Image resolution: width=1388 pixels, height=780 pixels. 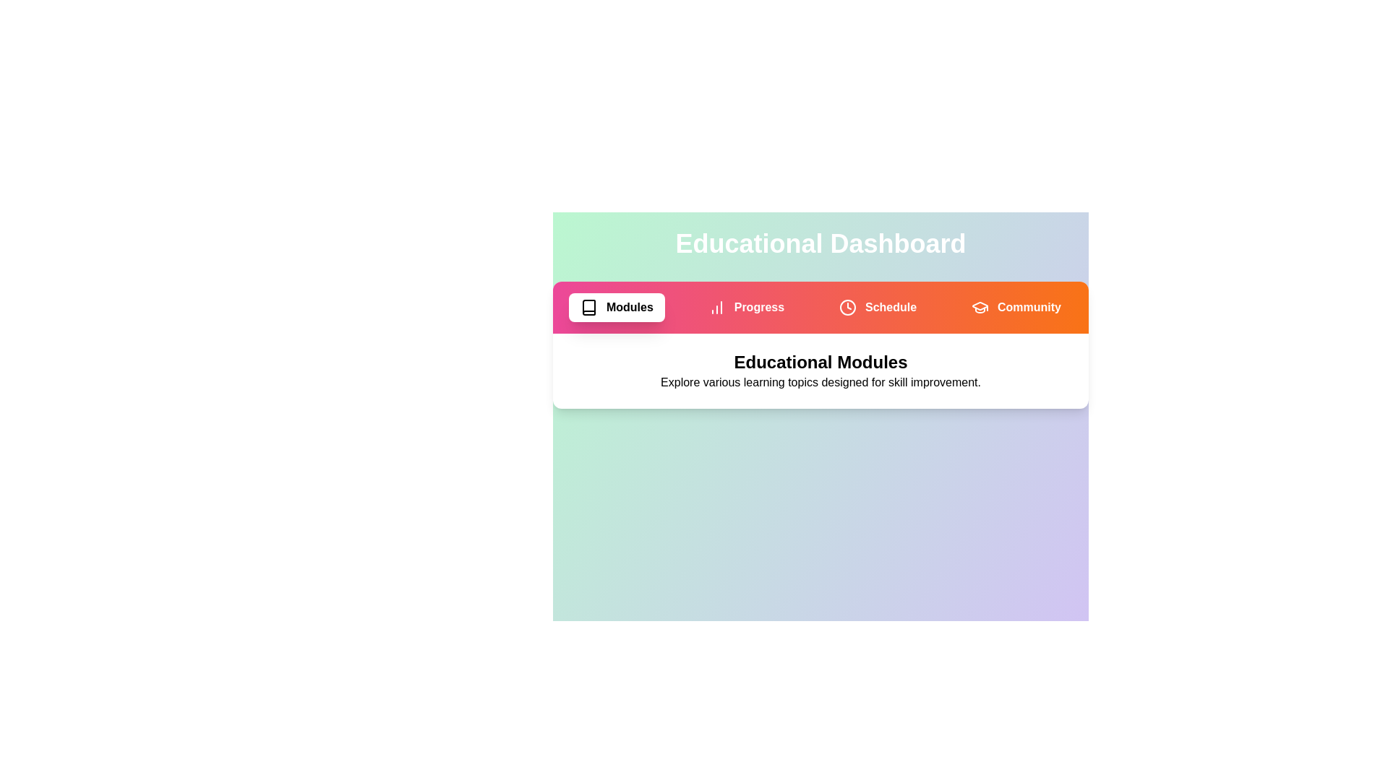 I want to click on the 'Modules' text label, which is bold and black, located in the horizontal navigation bar to the right of the open book icon, so click(x=630, y=306).